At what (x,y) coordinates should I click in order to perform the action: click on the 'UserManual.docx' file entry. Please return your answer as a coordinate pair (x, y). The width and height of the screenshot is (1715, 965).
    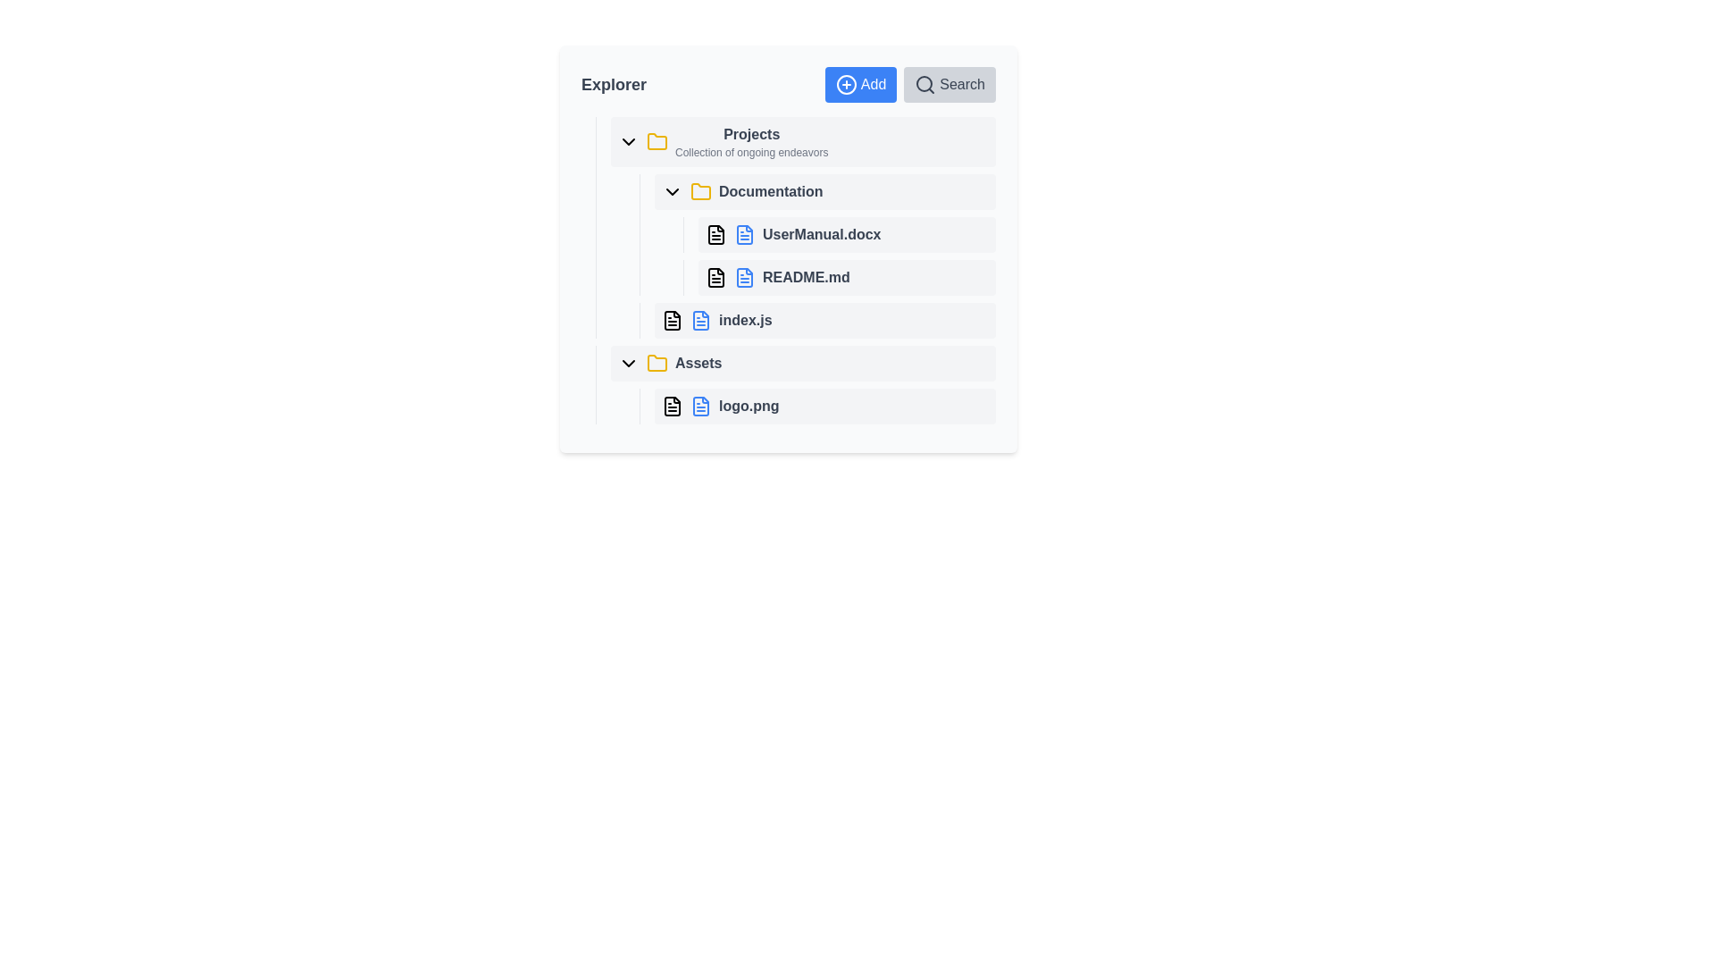
    Looking at the image, I should click on (795, 226).